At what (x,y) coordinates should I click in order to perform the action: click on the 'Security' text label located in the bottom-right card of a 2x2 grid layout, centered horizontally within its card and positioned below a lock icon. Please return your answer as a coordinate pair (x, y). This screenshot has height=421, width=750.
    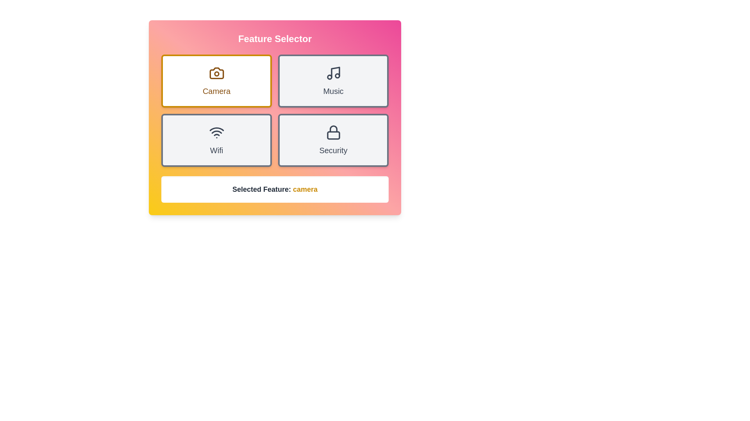
    Looking at the image, I should click on (333, 150).